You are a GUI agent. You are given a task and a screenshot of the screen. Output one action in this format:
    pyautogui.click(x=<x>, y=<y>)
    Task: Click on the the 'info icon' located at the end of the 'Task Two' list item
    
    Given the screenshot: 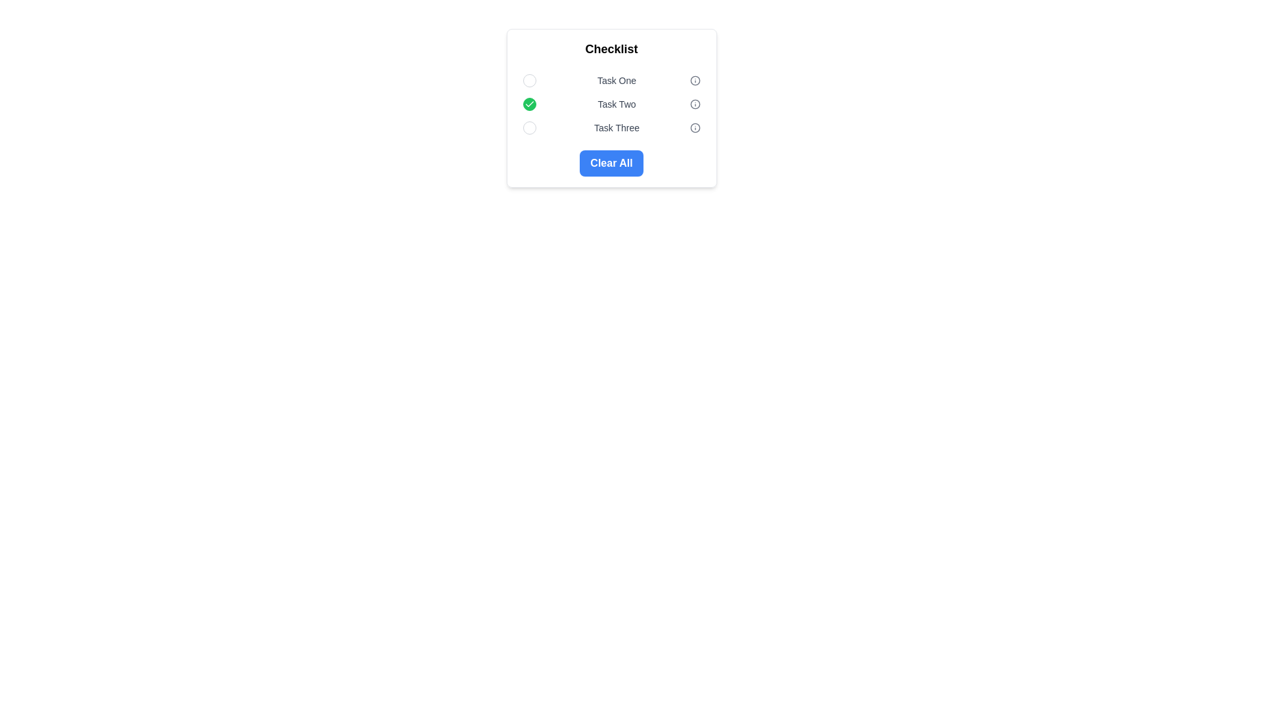 What is the action you would take?
    pyautogui.click(x=694, y=103)
    